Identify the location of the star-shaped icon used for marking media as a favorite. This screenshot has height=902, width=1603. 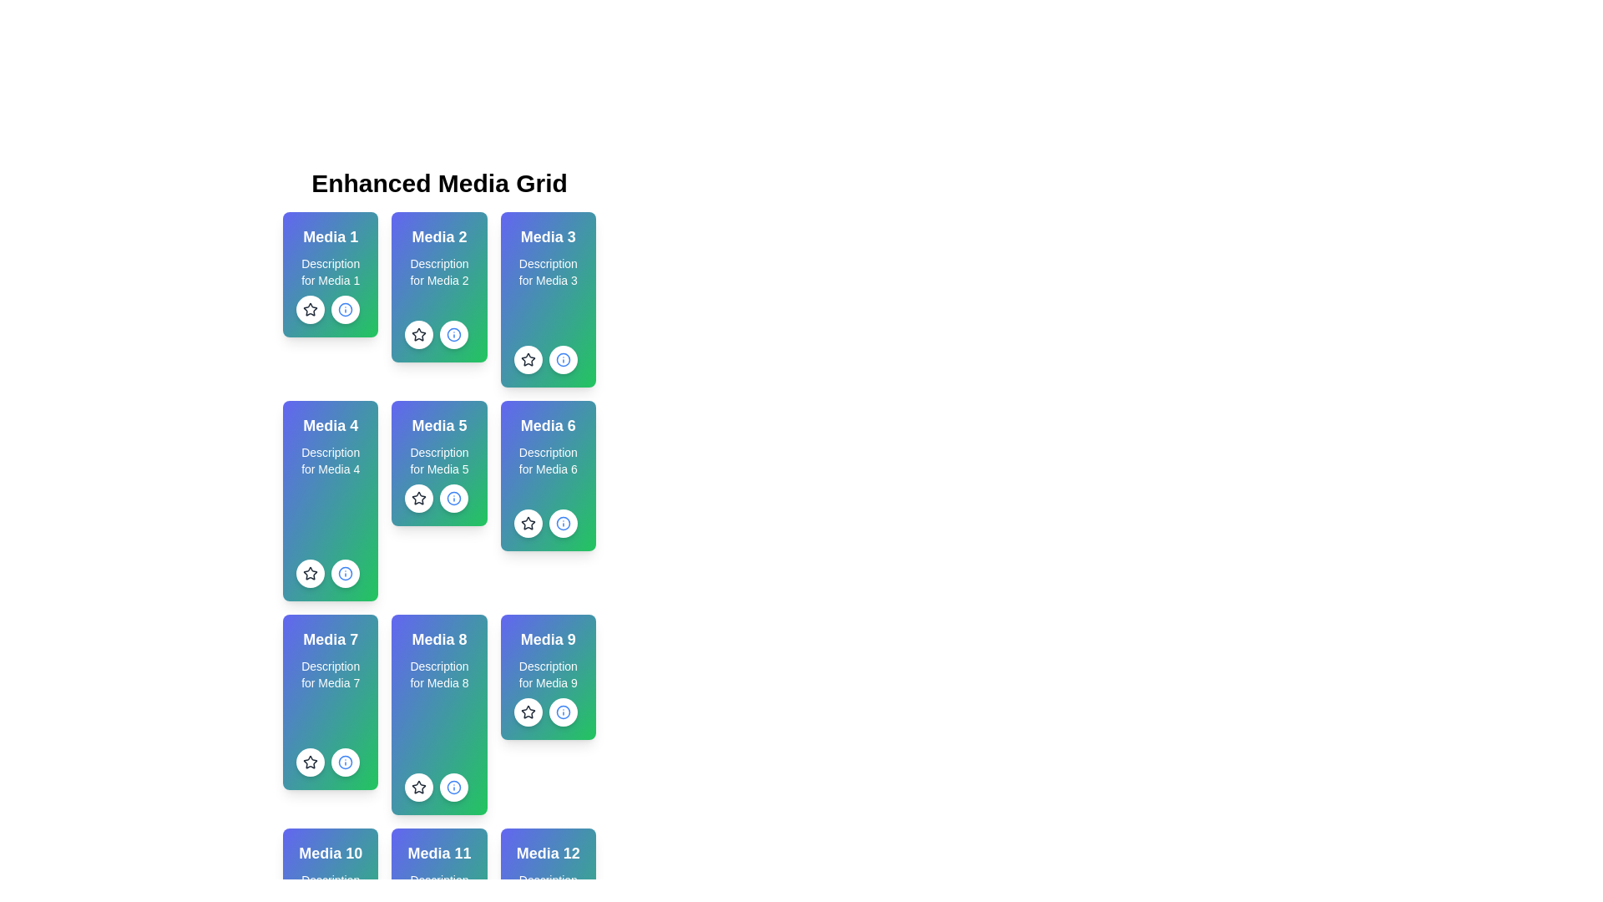
(311, 572).